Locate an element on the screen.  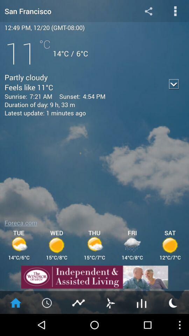
share the article is located at coordinates (94, 277).